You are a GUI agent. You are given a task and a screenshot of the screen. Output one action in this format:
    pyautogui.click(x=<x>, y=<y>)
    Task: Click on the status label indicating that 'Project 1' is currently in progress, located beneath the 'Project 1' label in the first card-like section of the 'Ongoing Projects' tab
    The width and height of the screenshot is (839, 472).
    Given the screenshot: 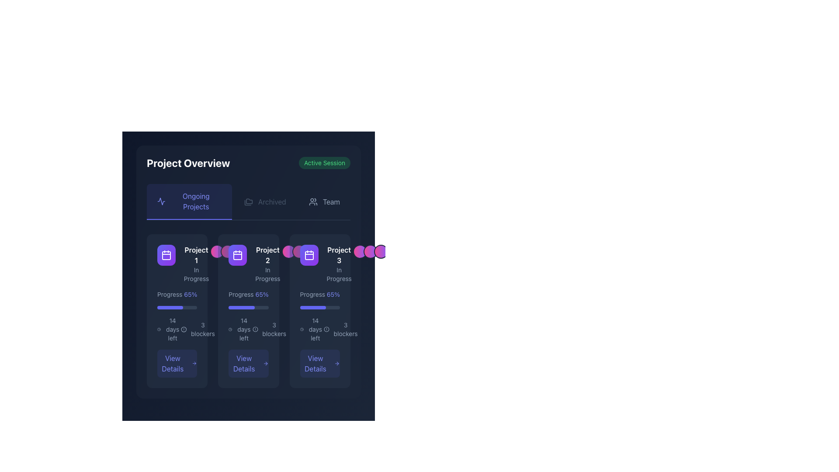 What is the action you would take?
    pyautogui.click(x=196, y=274)
    